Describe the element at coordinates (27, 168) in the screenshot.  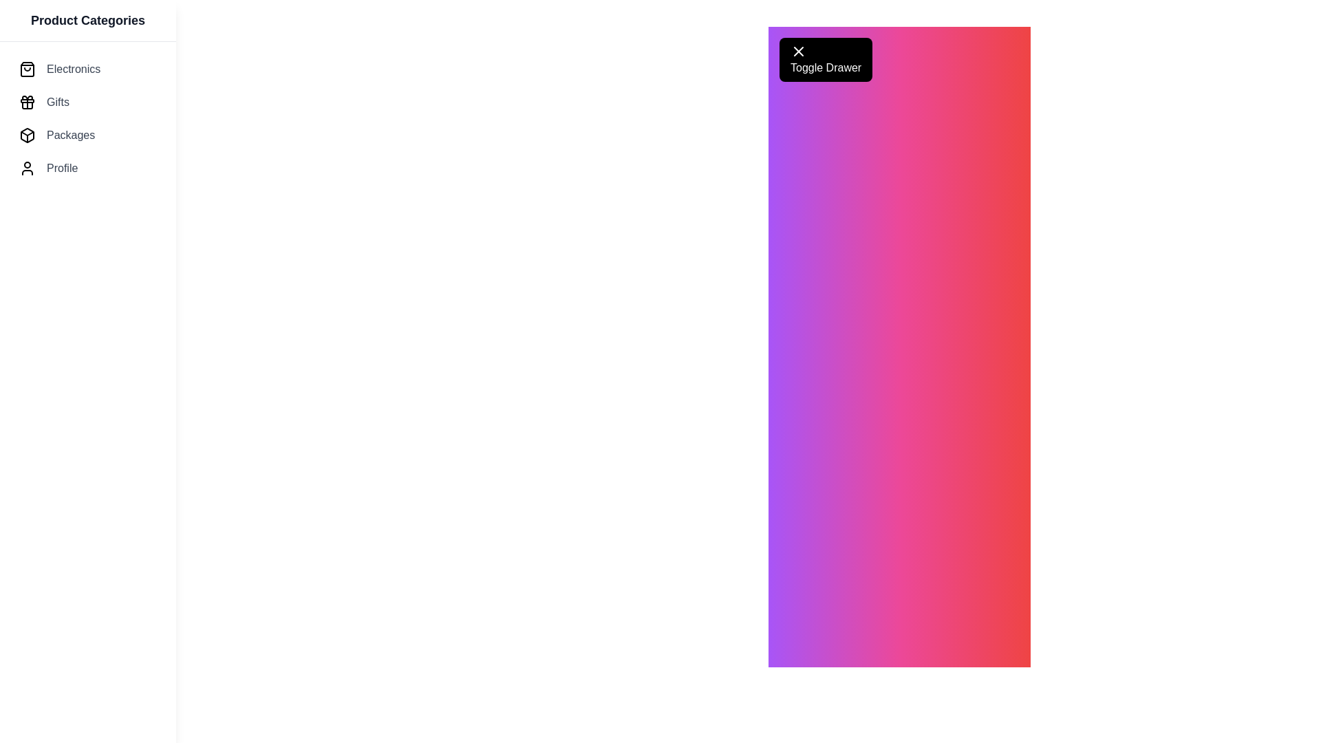
I see `the icon representing the Profile category` at that location.